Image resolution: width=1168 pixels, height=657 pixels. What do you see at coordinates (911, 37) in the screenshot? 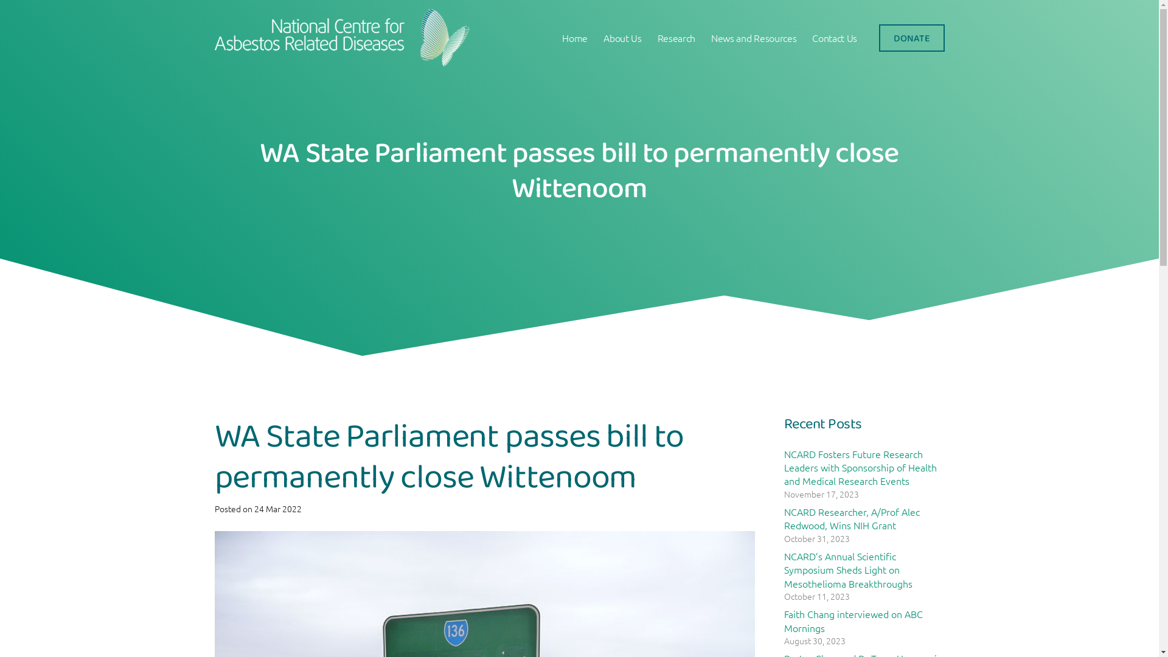
I see `'DONATE'` at bounding box center [911, 37].